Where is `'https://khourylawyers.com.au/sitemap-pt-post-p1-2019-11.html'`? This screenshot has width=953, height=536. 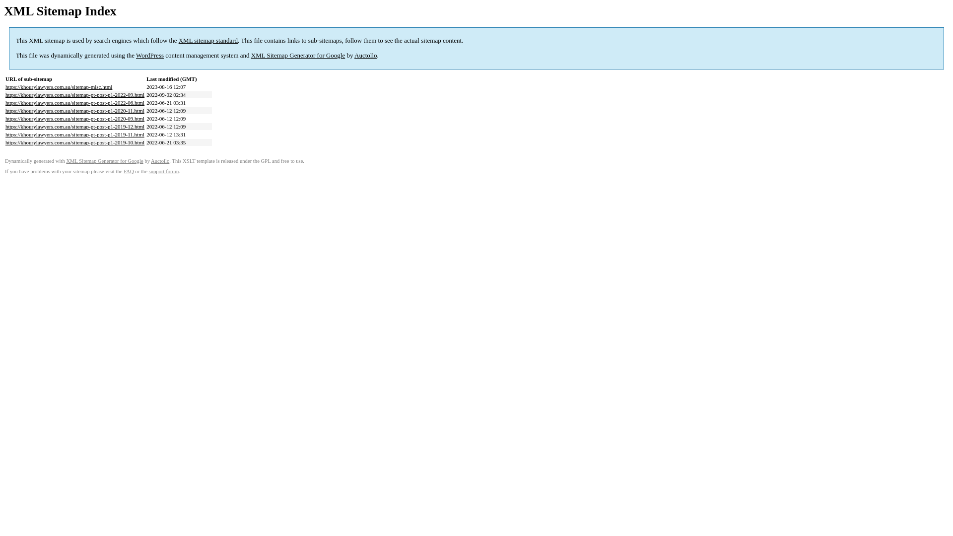
'https://khourylawyers.com.au/sitemap-pt-post-p1-2019-11.html' is located at coordinates (74, 134).